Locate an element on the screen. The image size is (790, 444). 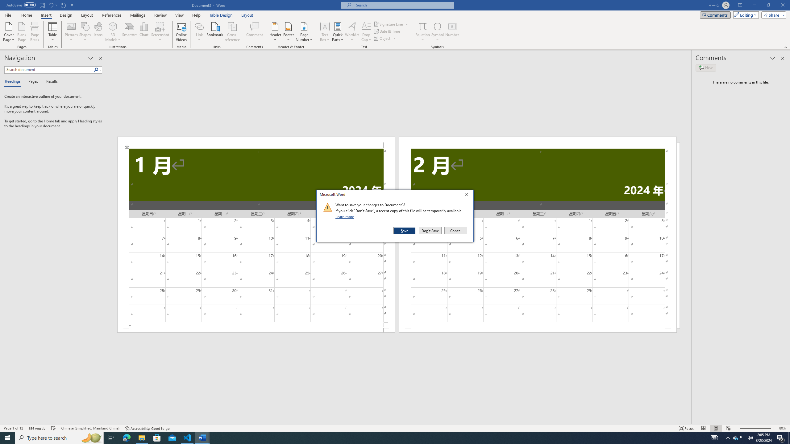
'Language Chinese (Simplified, Mainland China)' is located at coordinates (89, 428).